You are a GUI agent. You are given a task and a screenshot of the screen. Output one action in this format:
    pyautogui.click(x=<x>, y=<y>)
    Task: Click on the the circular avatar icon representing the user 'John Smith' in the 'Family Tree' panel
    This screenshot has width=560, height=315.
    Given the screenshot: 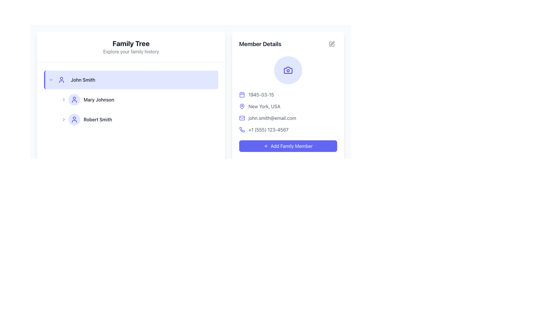 What is the action you would take?
    pyautogui.click(x=62, y=80)
    